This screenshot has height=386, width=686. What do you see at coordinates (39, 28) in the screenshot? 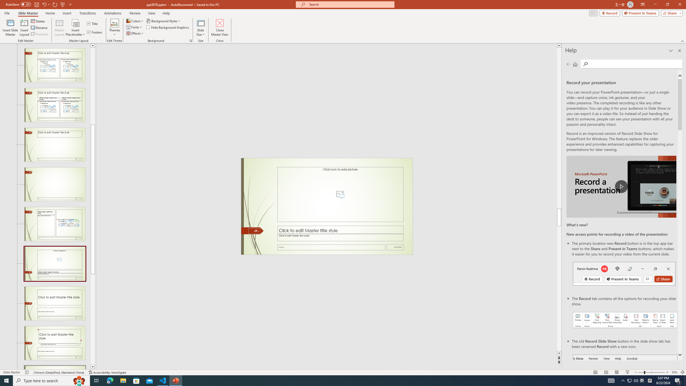
I see `'Rename'` at bounding box center [39, 28].